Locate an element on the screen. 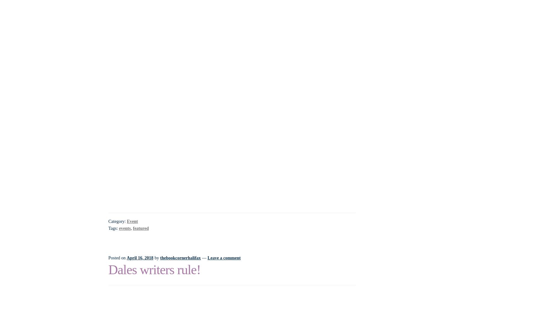 This screenshot has height=334, width=552. 'Leave a comment' is located at coordinates (223, 258).